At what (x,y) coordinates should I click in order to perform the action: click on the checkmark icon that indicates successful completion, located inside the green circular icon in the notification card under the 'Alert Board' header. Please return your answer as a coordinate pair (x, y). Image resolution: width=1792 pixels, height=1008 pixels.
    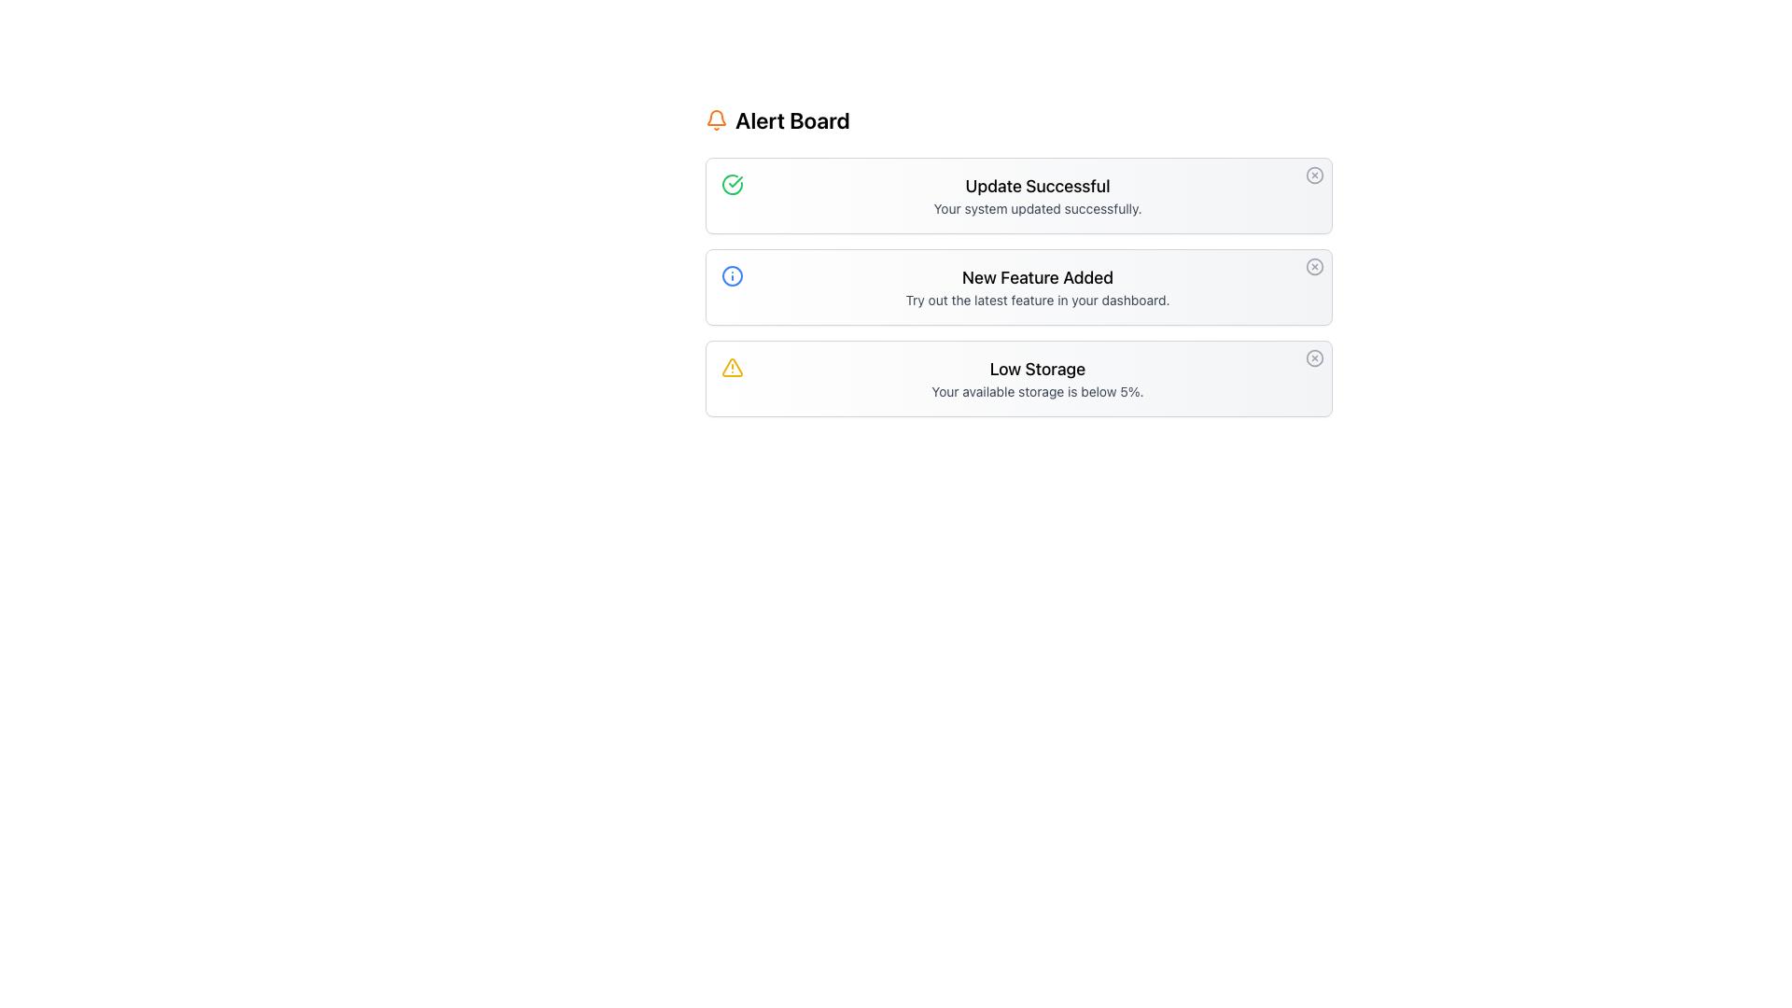
    Looking at the image, I should click on (735, 182).